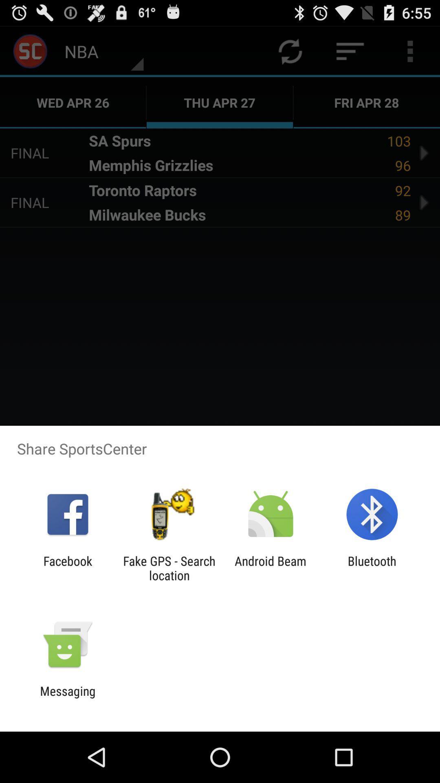  I want to click on the icon next to the android beam icon, so click(372, 568).